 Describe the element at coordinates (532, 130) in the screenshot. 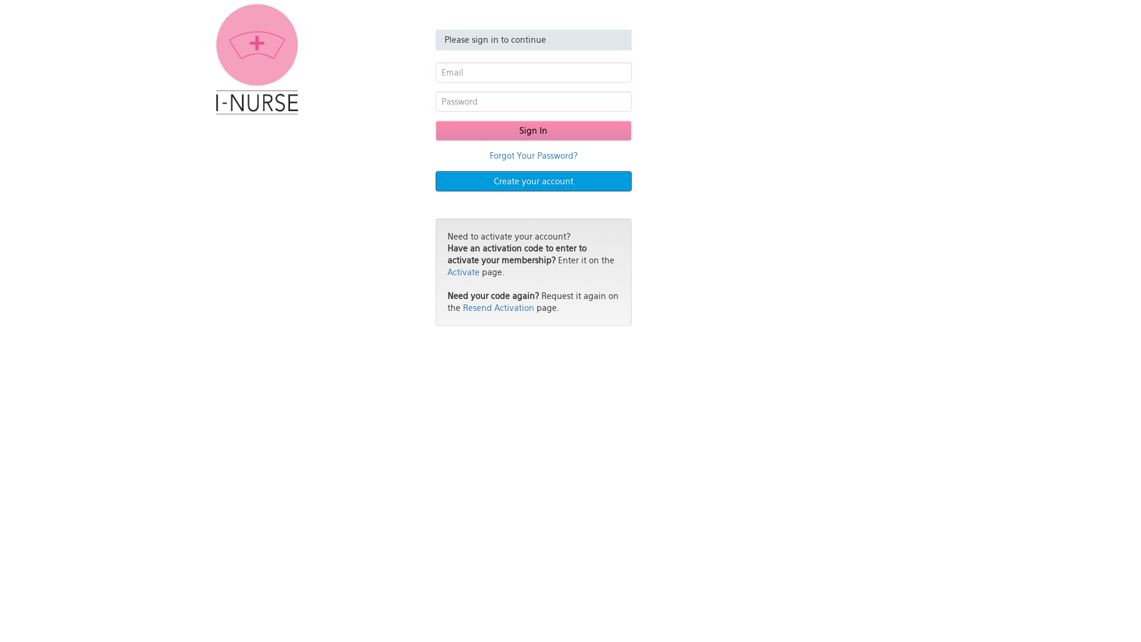

I see `'Sign In'` at that location.